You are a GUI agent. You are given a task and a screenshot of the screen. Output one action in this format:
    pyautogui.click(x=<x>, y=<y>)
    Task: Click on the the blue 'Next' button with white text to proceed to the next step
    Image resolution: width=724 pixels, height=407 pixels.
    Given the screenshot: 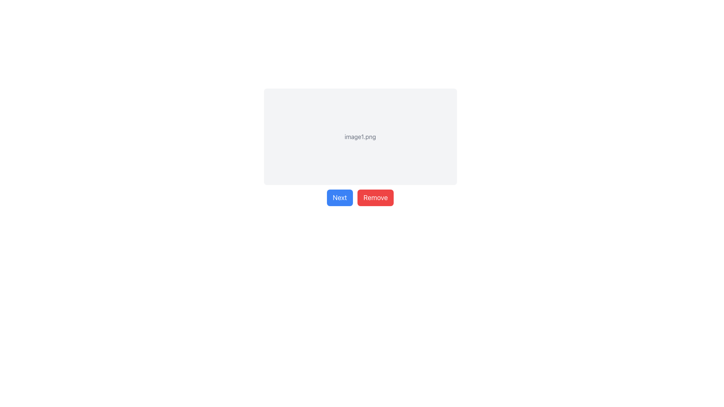 What is the action you would take?
    pyautogui.click(x=339, y=197)
    